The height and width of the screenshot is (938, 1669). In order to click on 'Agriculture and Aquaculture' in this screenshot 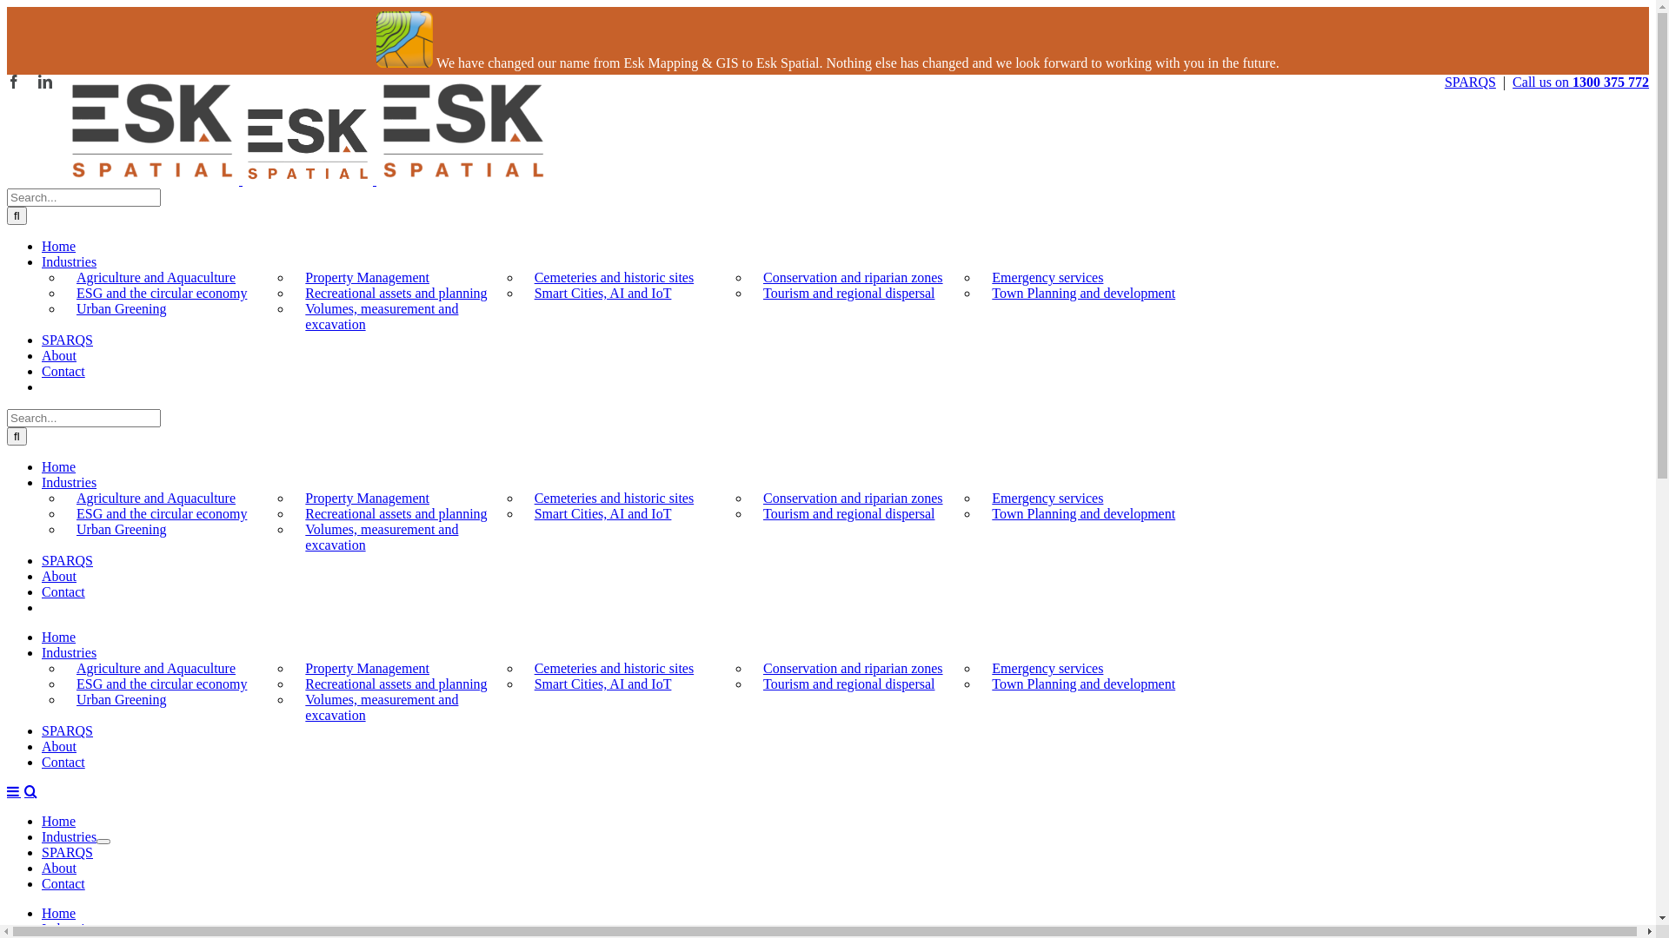, I will do `click(156, 498)`.